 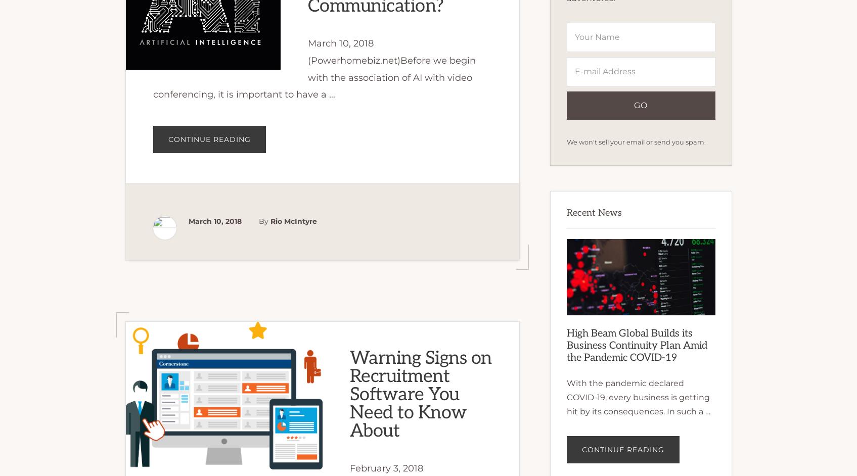 What do you see at coordinates (209, 439) in the screenshot?
I see `'123 Navigation Drive'` at bounding box center [209, 439].